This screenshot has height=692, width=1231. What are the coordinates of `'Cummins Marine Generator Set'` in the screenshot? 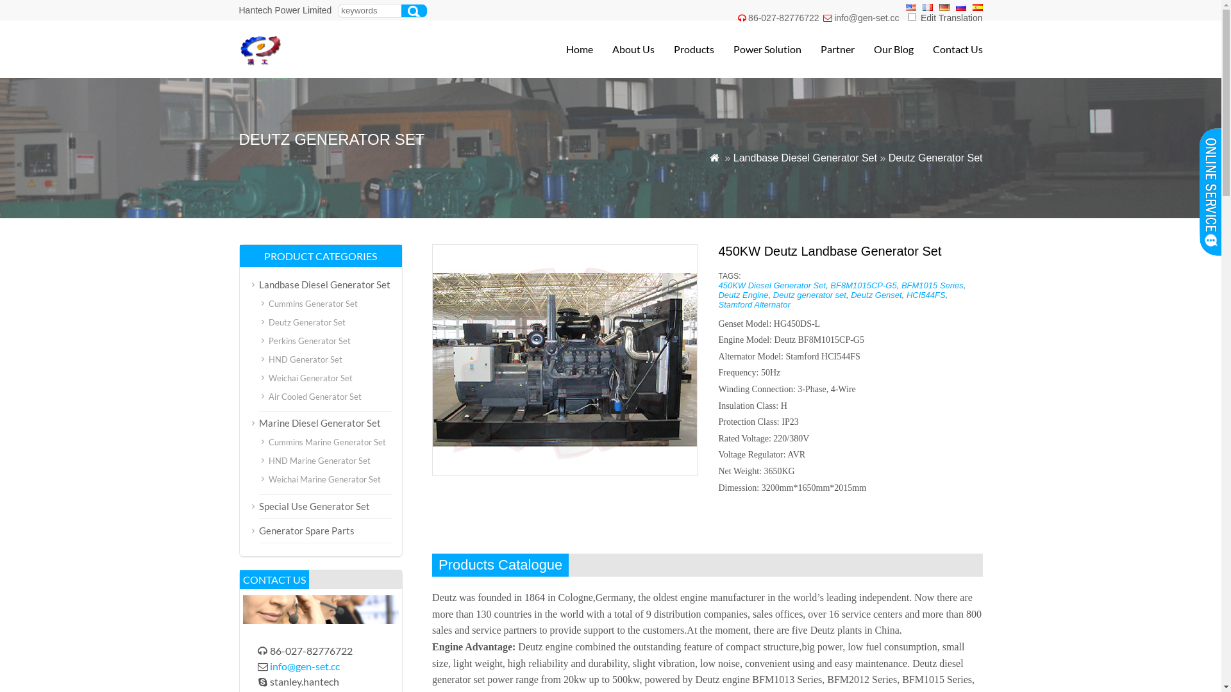 It's located at (326, 441).